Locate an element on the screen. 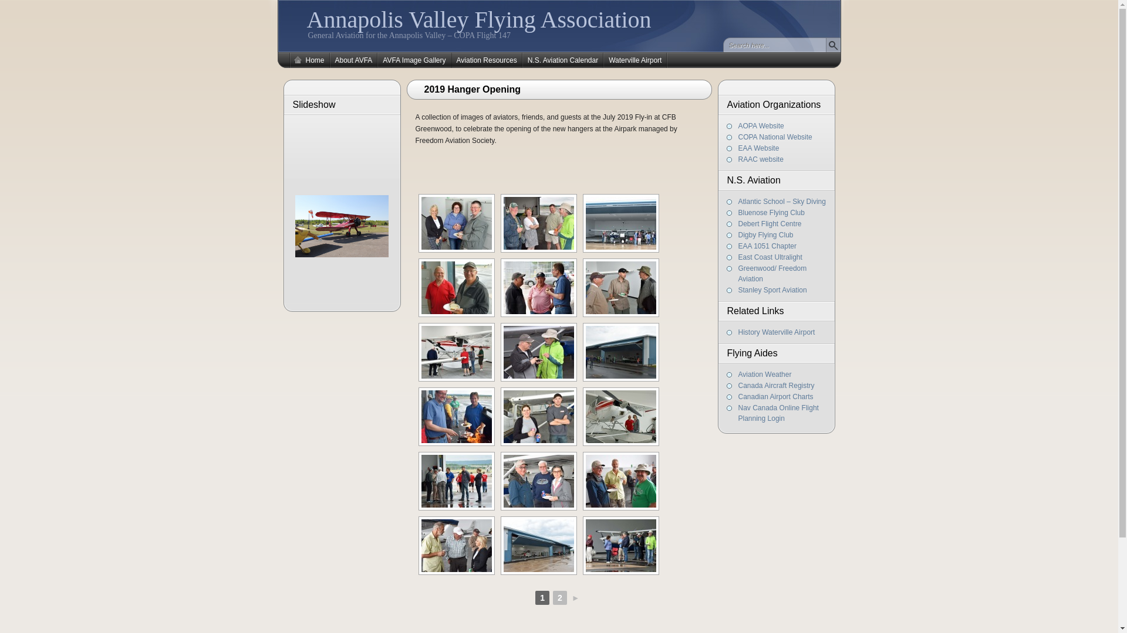 The width and height of the screenshot is (1127, 633). 'EAA 1051 Chapter' is located at coordinates (737, 246).